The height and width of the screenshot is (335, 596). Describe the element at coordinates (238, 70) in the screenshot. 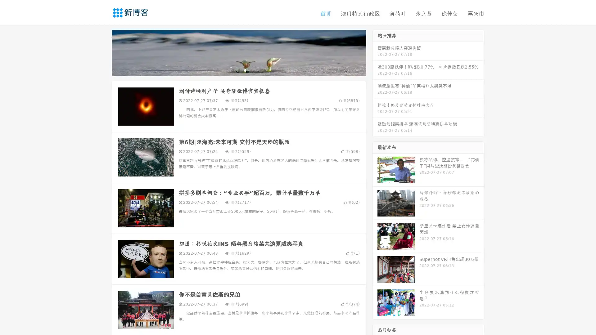

I see `Go to slide 2` at that location.